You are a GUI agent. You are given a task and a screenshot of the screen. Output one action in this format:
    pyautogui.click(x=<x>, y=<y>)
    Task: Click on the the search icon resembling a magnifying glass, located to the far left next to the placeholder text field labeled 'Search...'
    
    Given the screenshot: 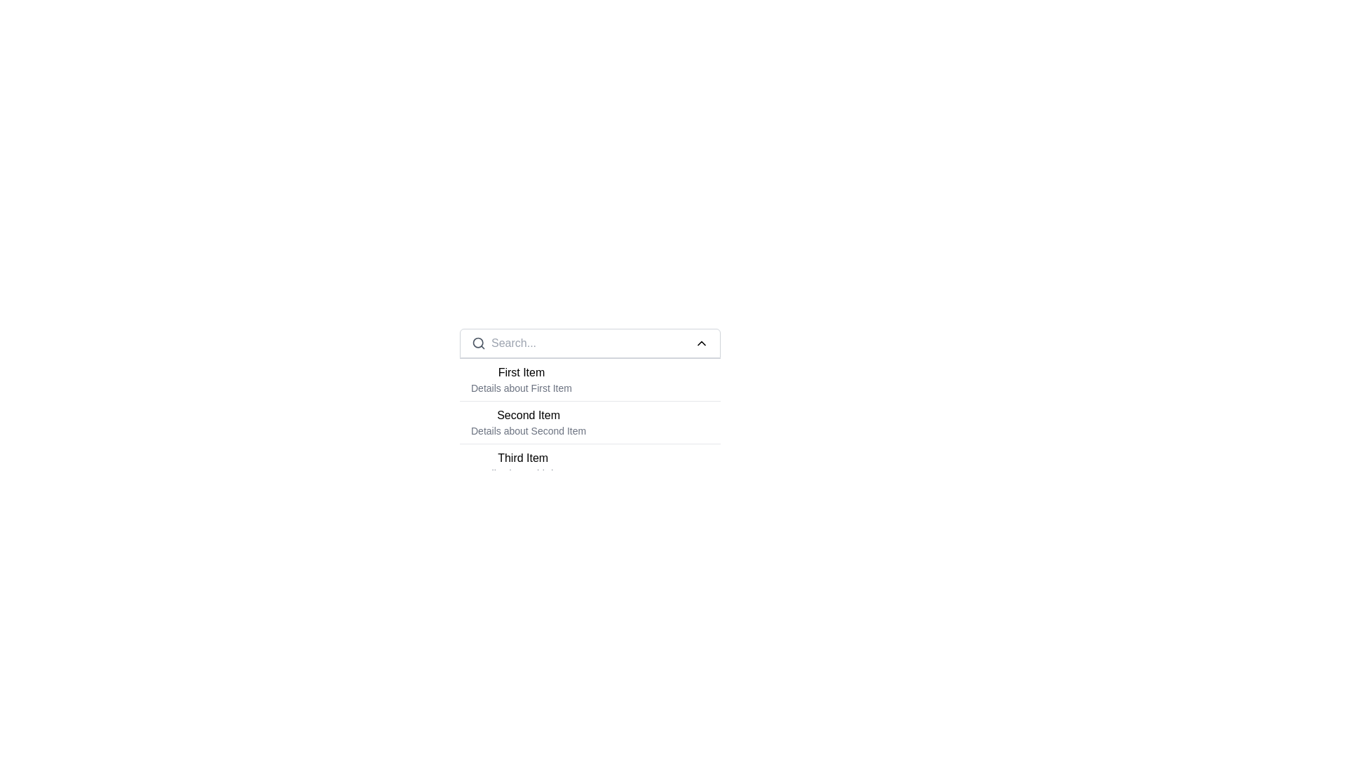 What is the action you would take?
    pyautogui.click(x=478, y=343)
    